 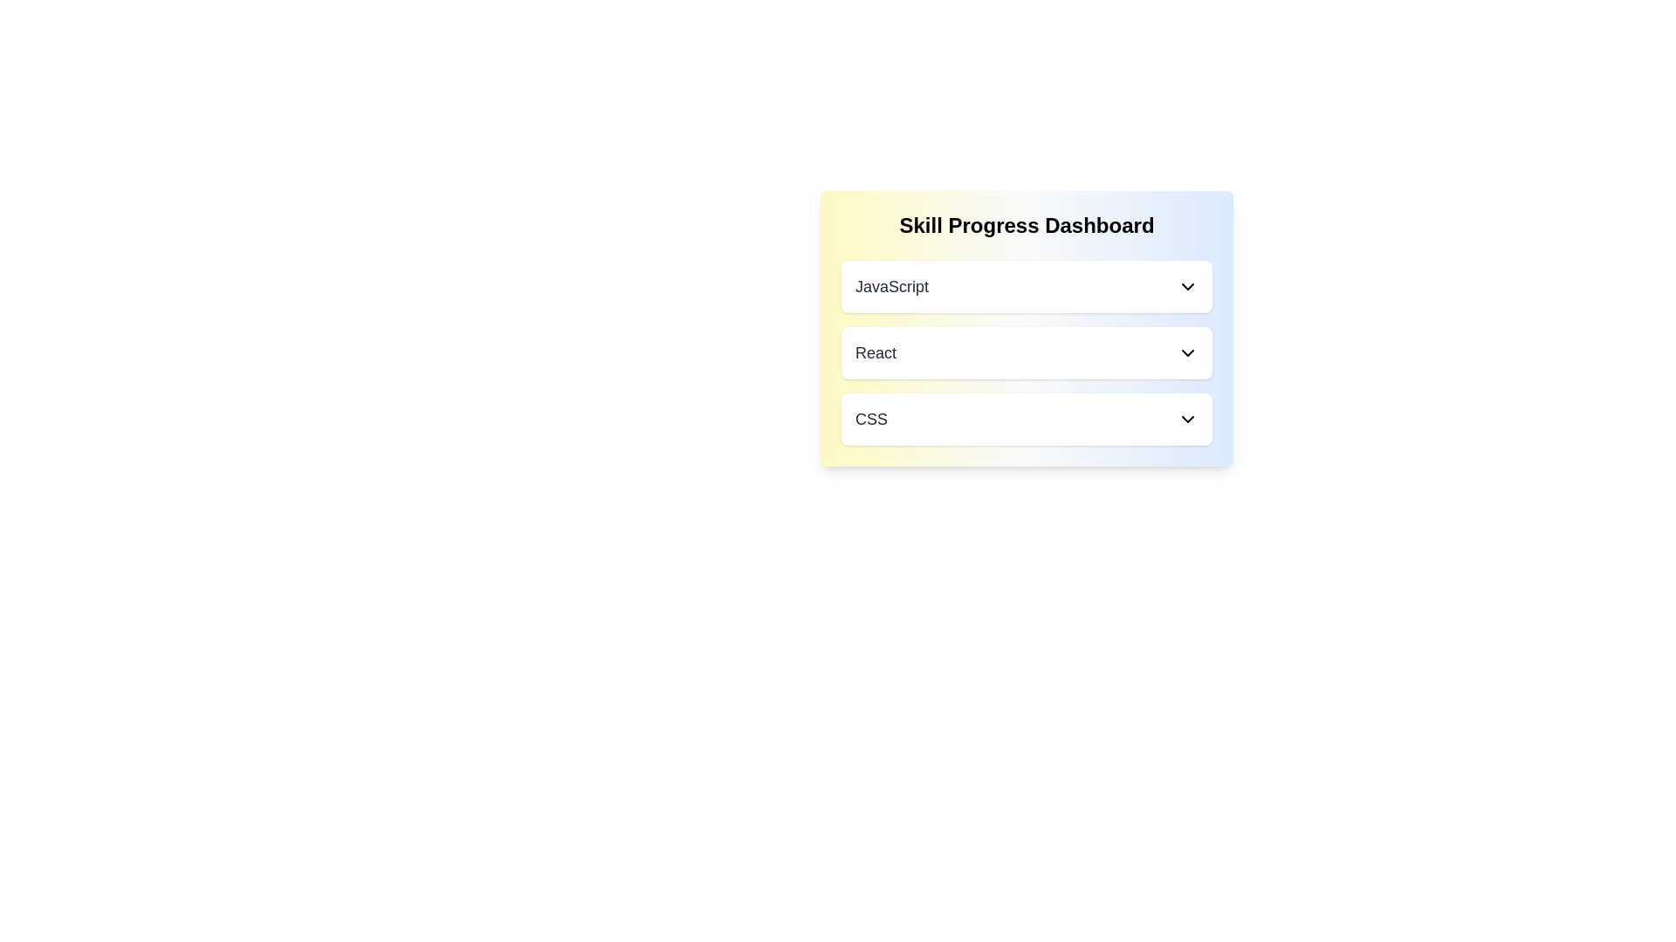 I want to click on the downward-facing chevron icon button located to the right of the 'CSS' label to potentially display a tooltip, so click(x=1187, y=420).